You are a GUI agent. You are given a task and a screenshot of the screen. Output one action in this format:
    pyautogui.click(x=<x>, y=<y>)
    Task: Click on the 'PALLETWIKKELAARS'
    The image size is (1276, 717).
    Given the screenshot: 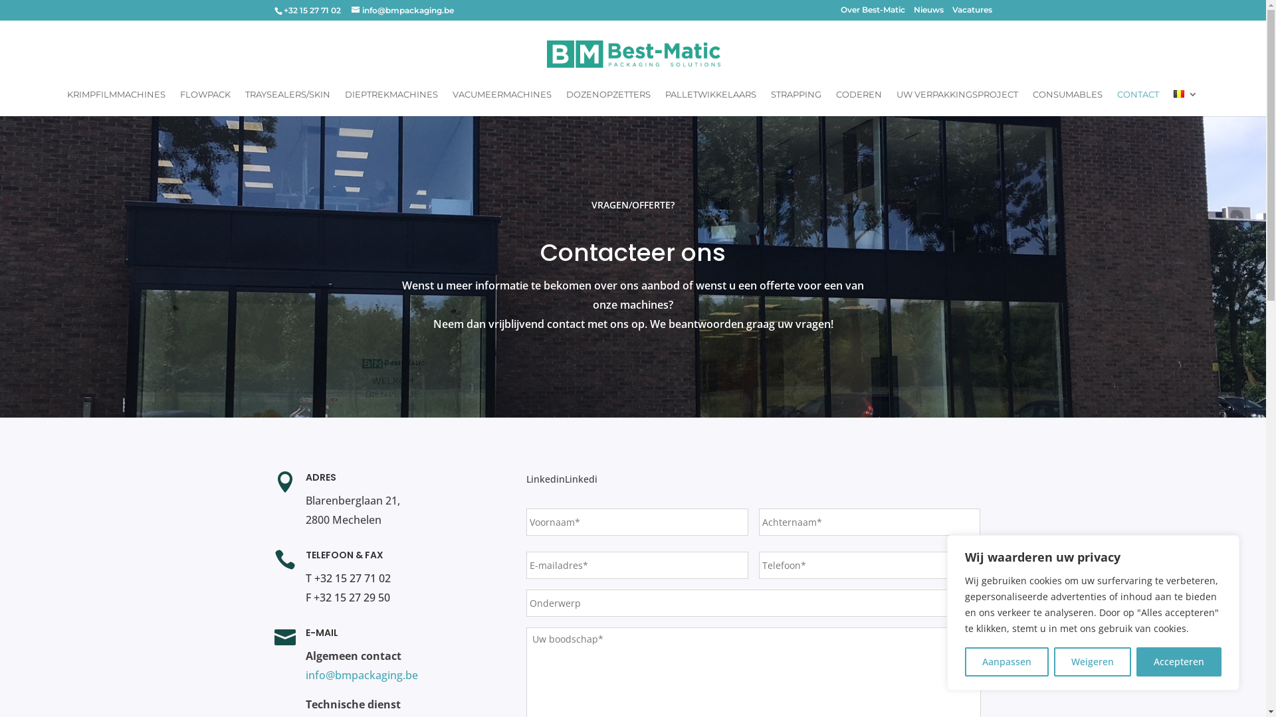 What is the action you would take?
    pyautogui.click(x=710, y=102)
    